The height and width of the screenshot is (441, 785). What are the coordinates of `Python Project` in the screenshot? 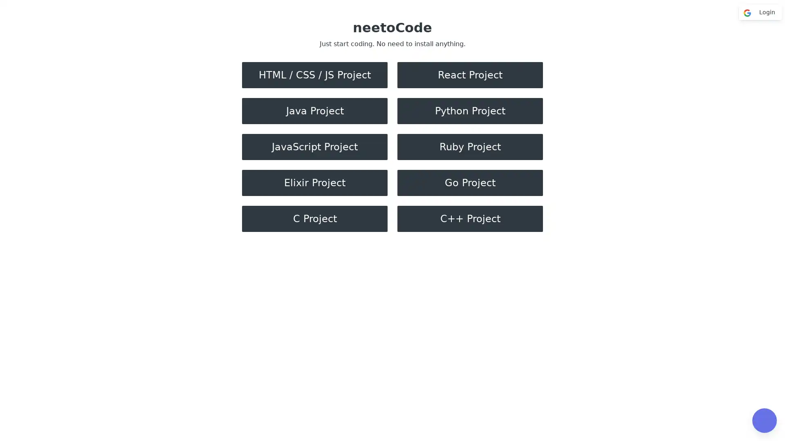 It's located at (470, 111).